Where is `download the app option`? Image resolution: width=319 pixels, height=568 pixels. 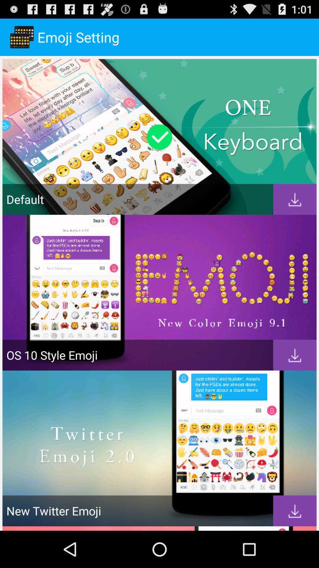
download the app option is located at coordinates (295, 355).